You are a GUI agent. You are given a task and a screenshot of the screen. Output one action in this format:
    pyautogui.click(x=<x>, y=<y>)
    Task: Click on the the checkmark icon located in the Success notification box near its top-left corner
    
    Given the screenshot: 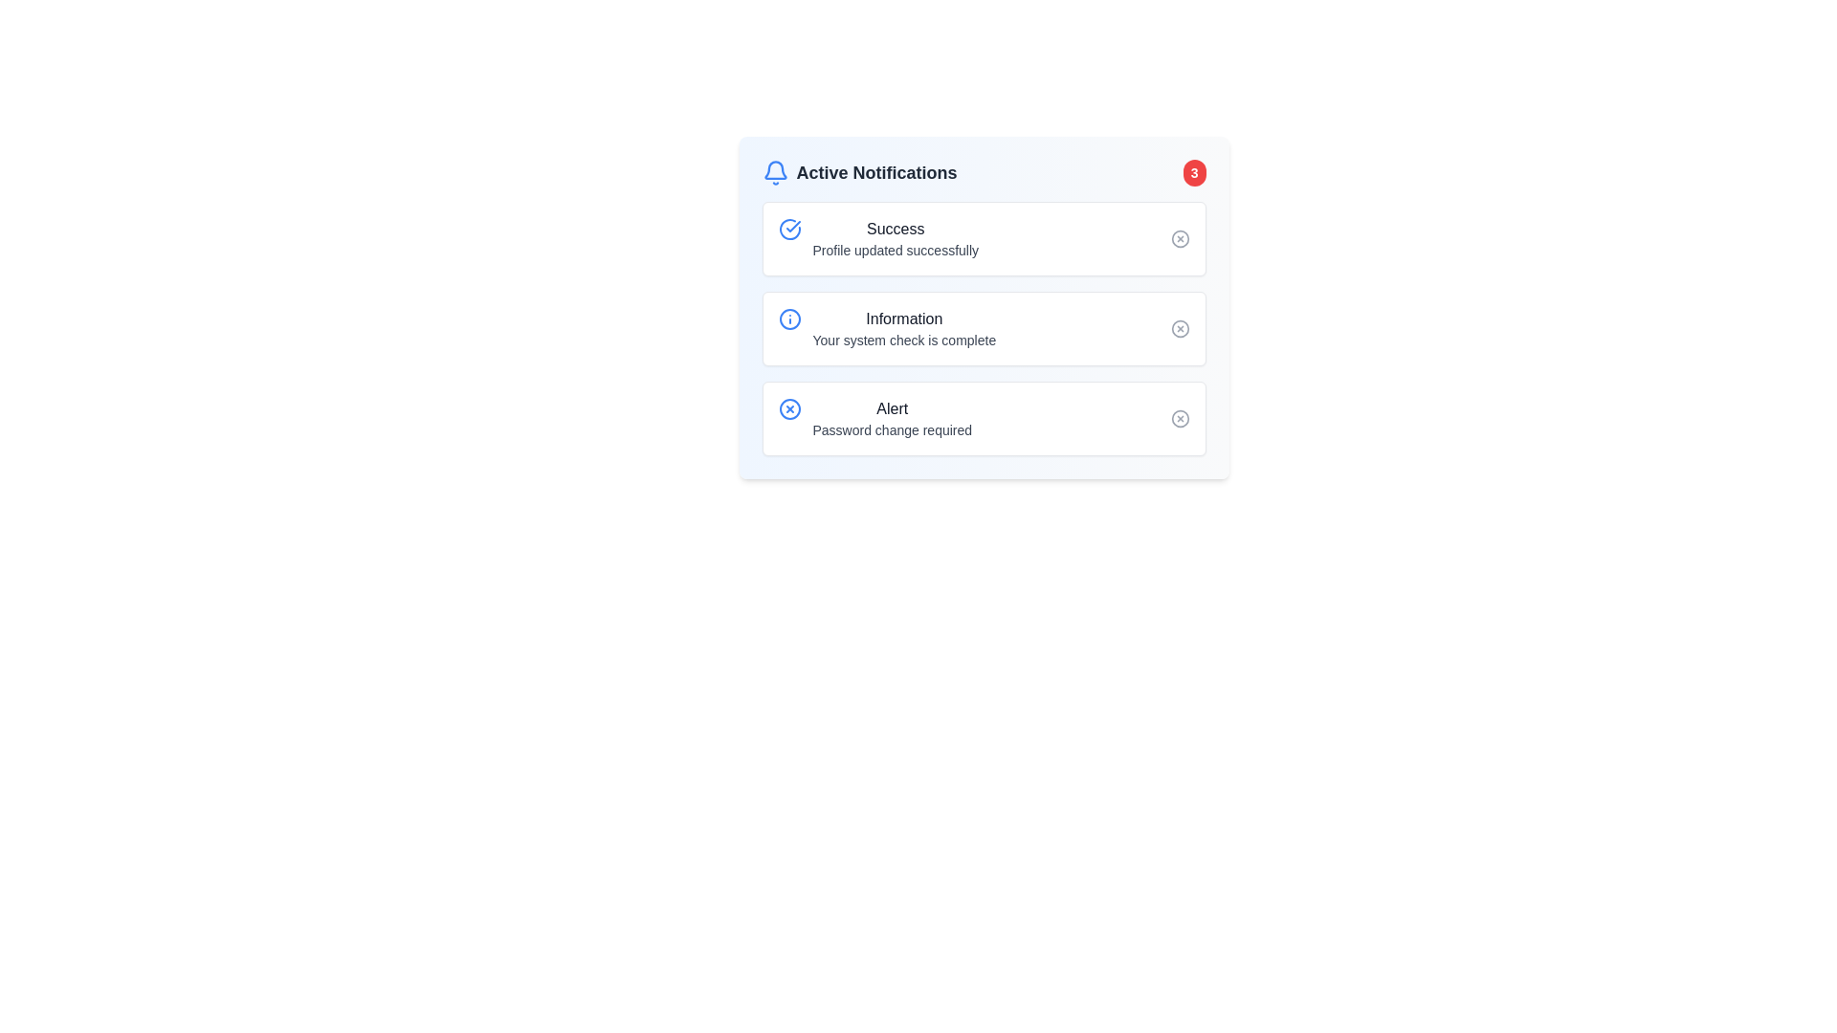 What is the action you would take?
    pyautogui.click(x=793, y=225)
    